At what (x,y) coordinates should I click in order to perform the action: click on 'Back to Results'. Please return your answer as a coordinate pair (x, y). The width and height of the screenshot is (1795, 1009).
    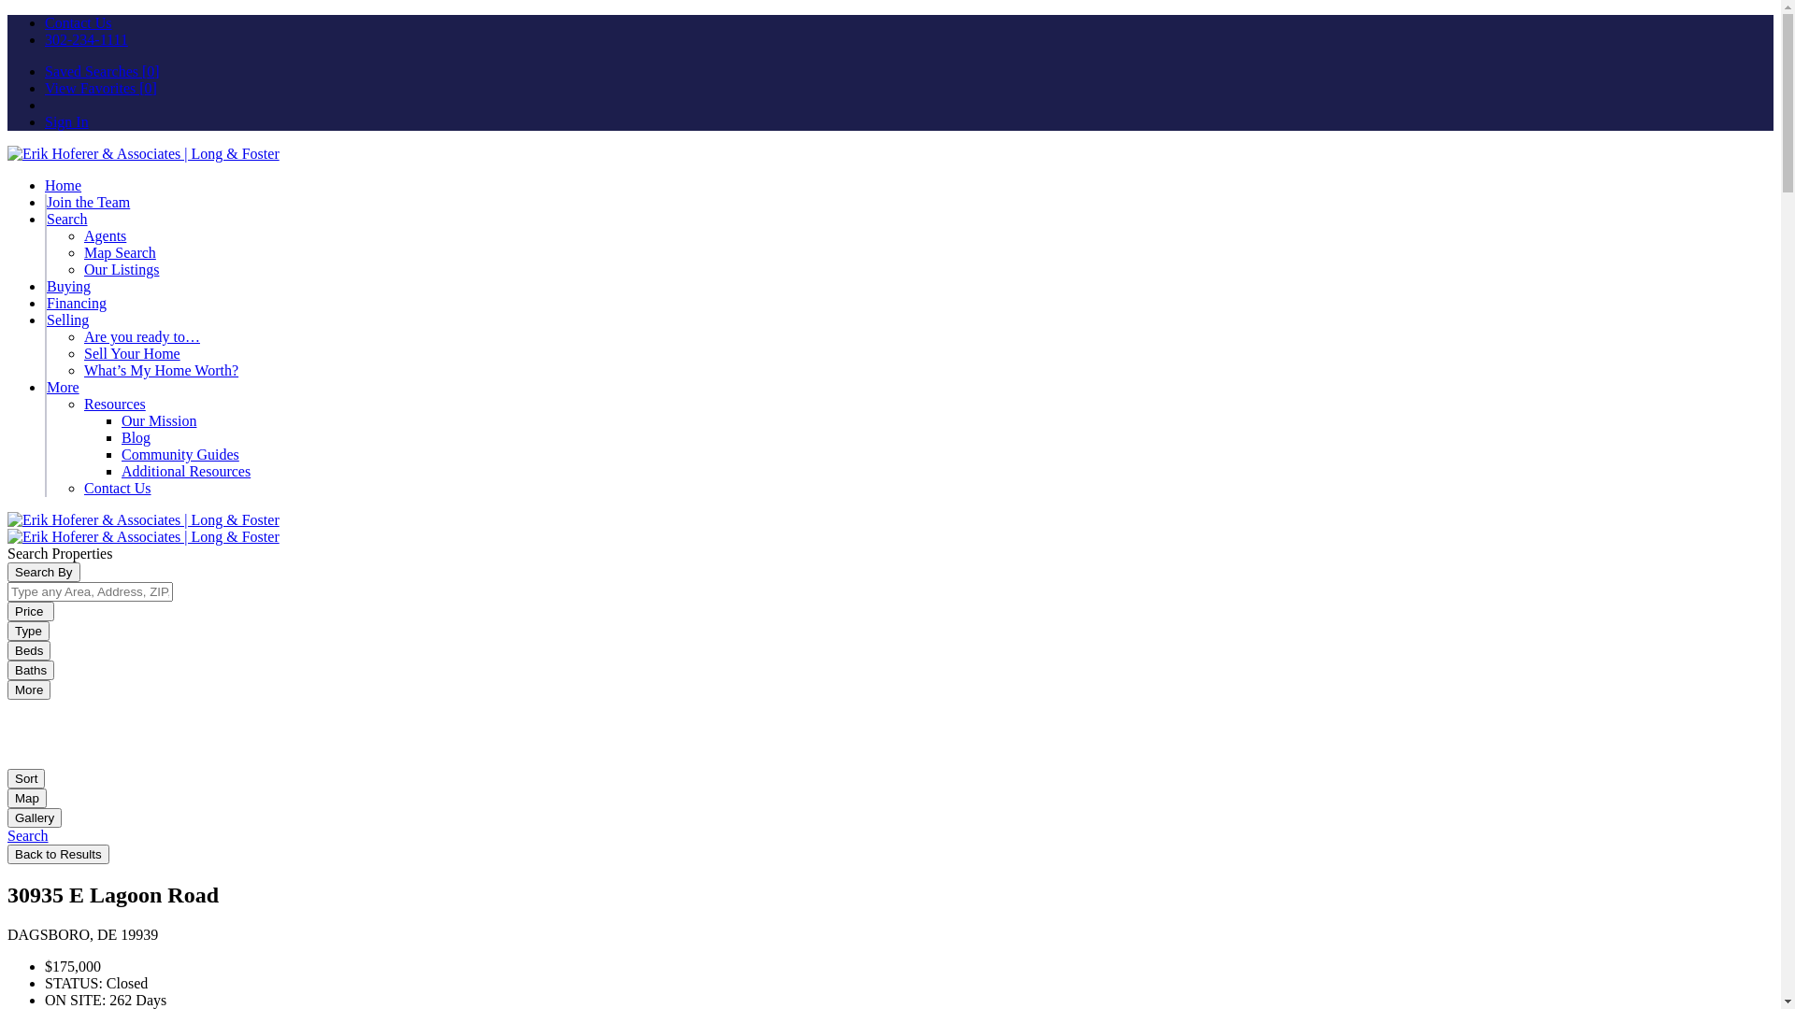
    Looking at the image, I should click on (58, 854).